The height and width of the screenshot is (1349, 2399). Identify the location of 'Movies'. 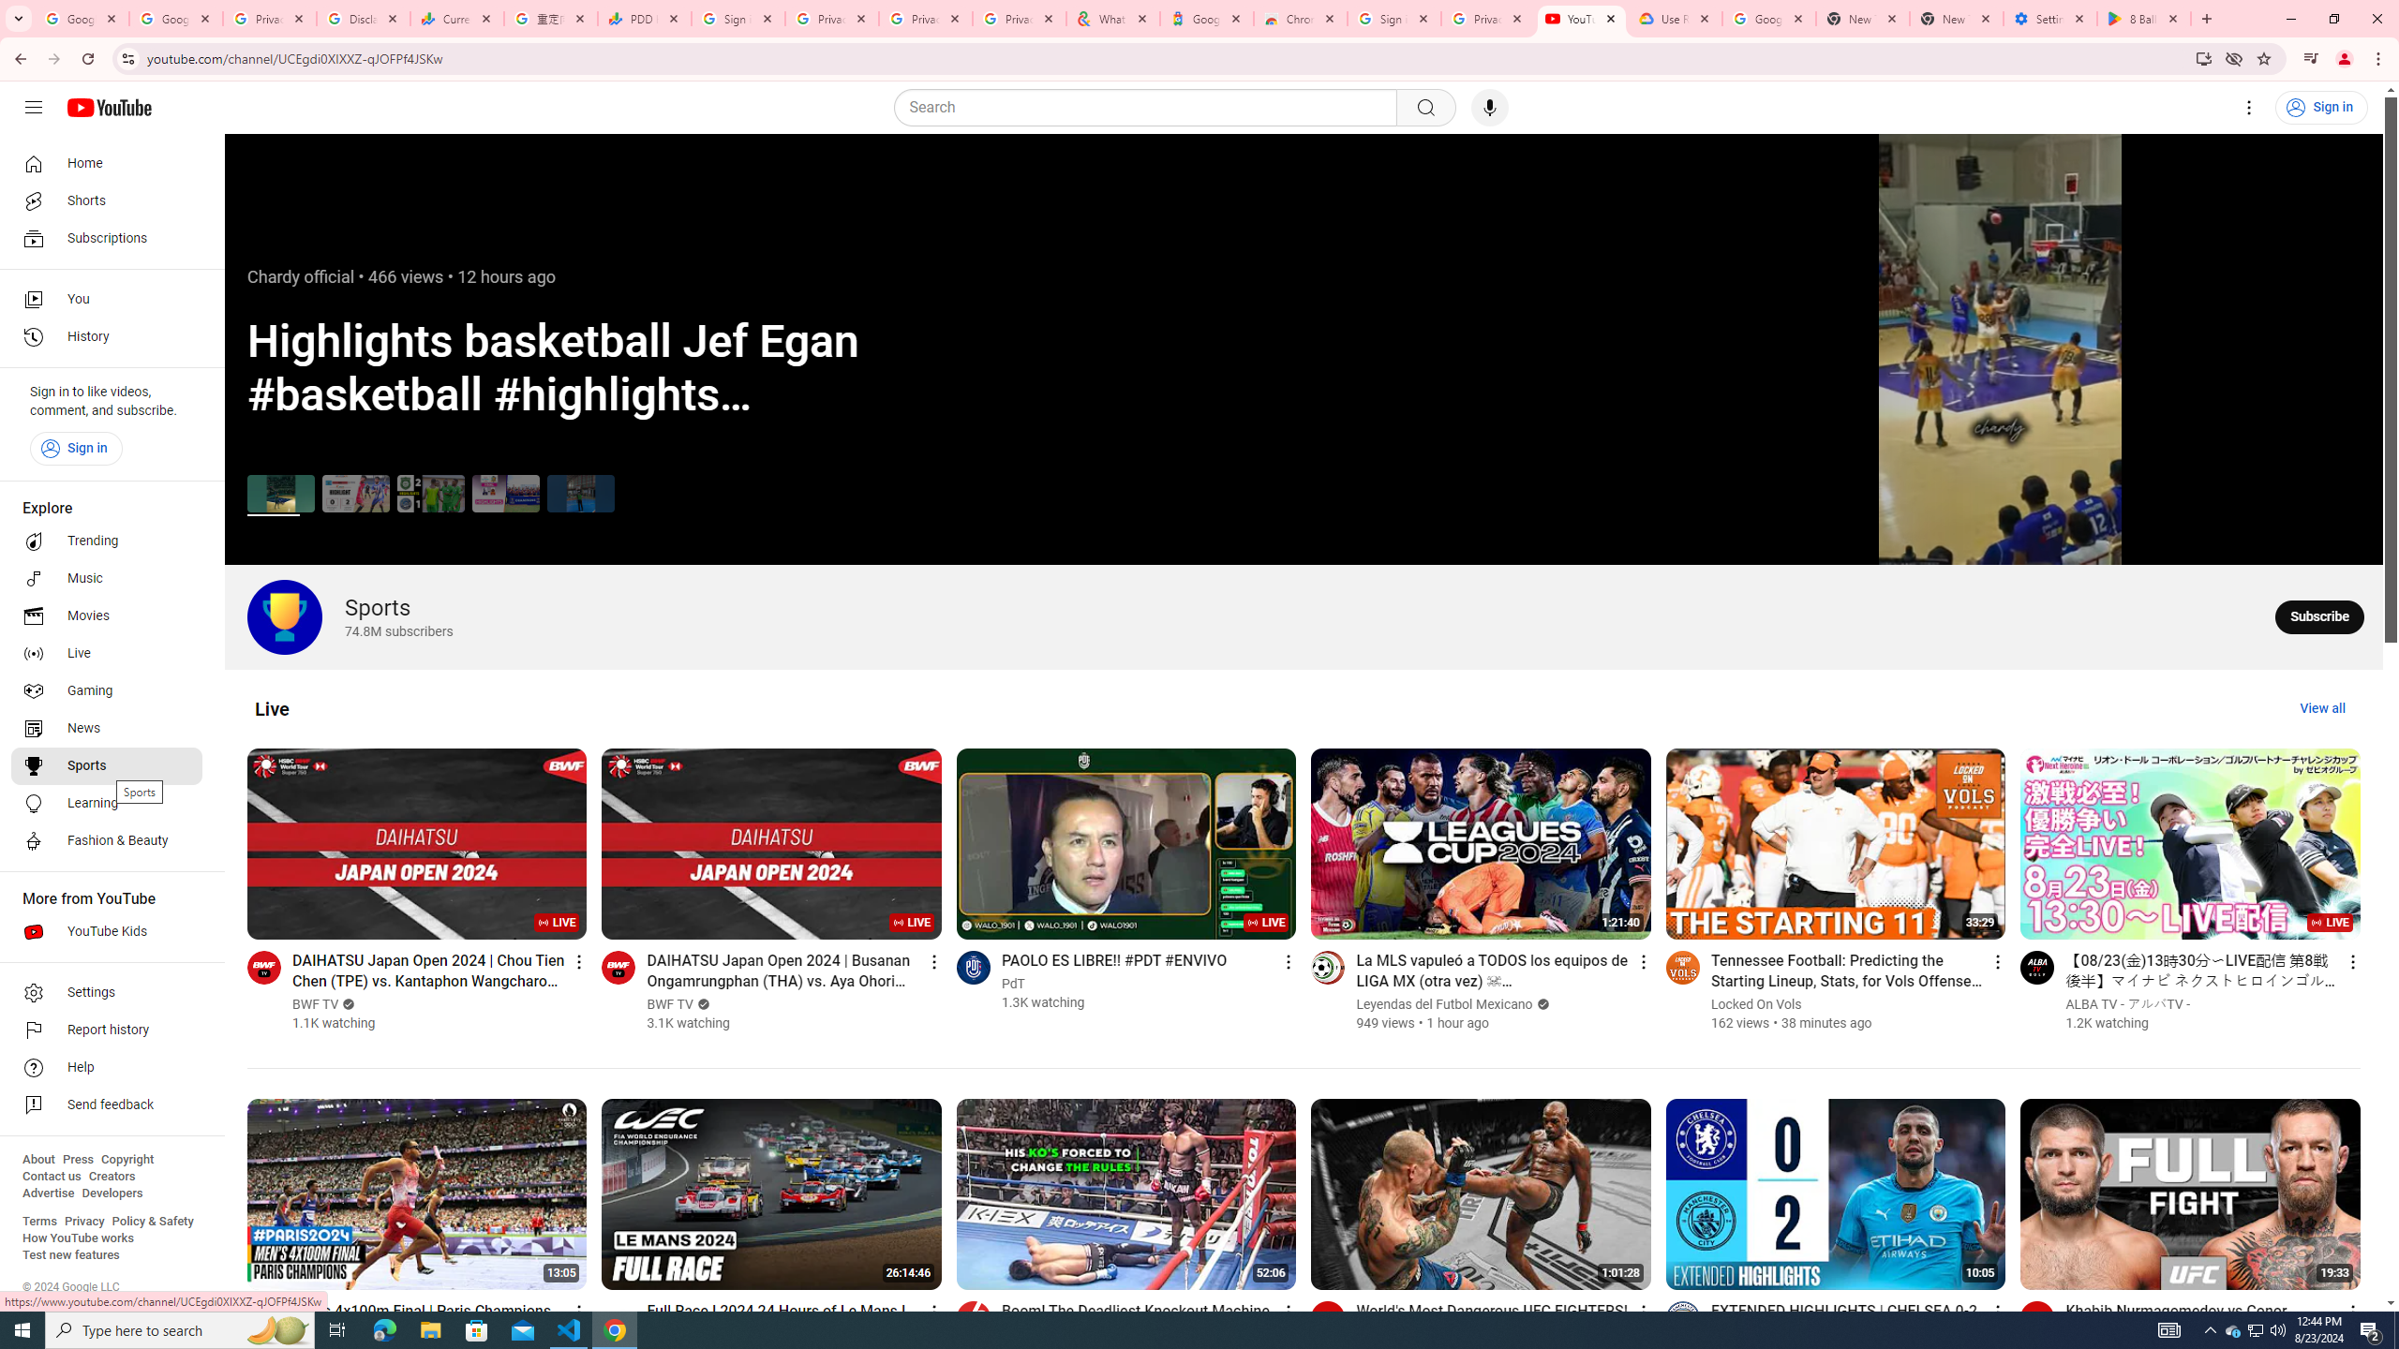
(106, 616).